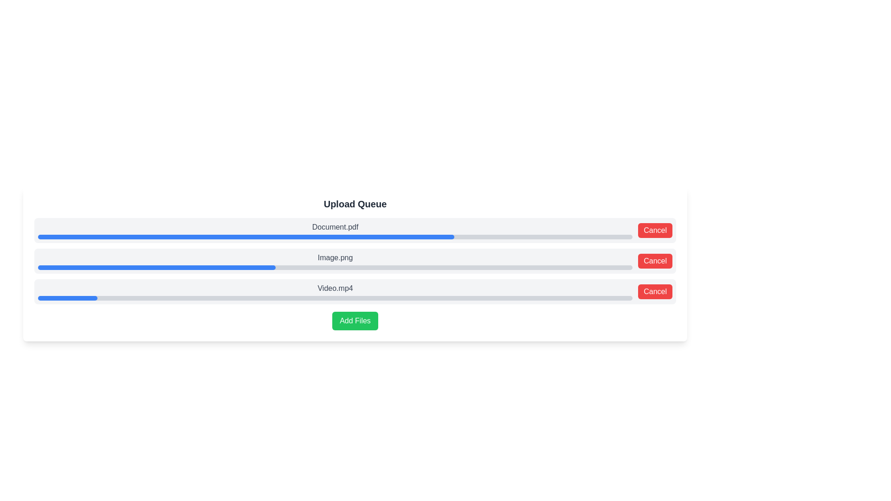 The width and height of the screenshot is (891, 501). I want to click on the text label that displays the name of an uploaded file, located above the progress bar and to the left of the 'Cancel' button, so click(335, 261).